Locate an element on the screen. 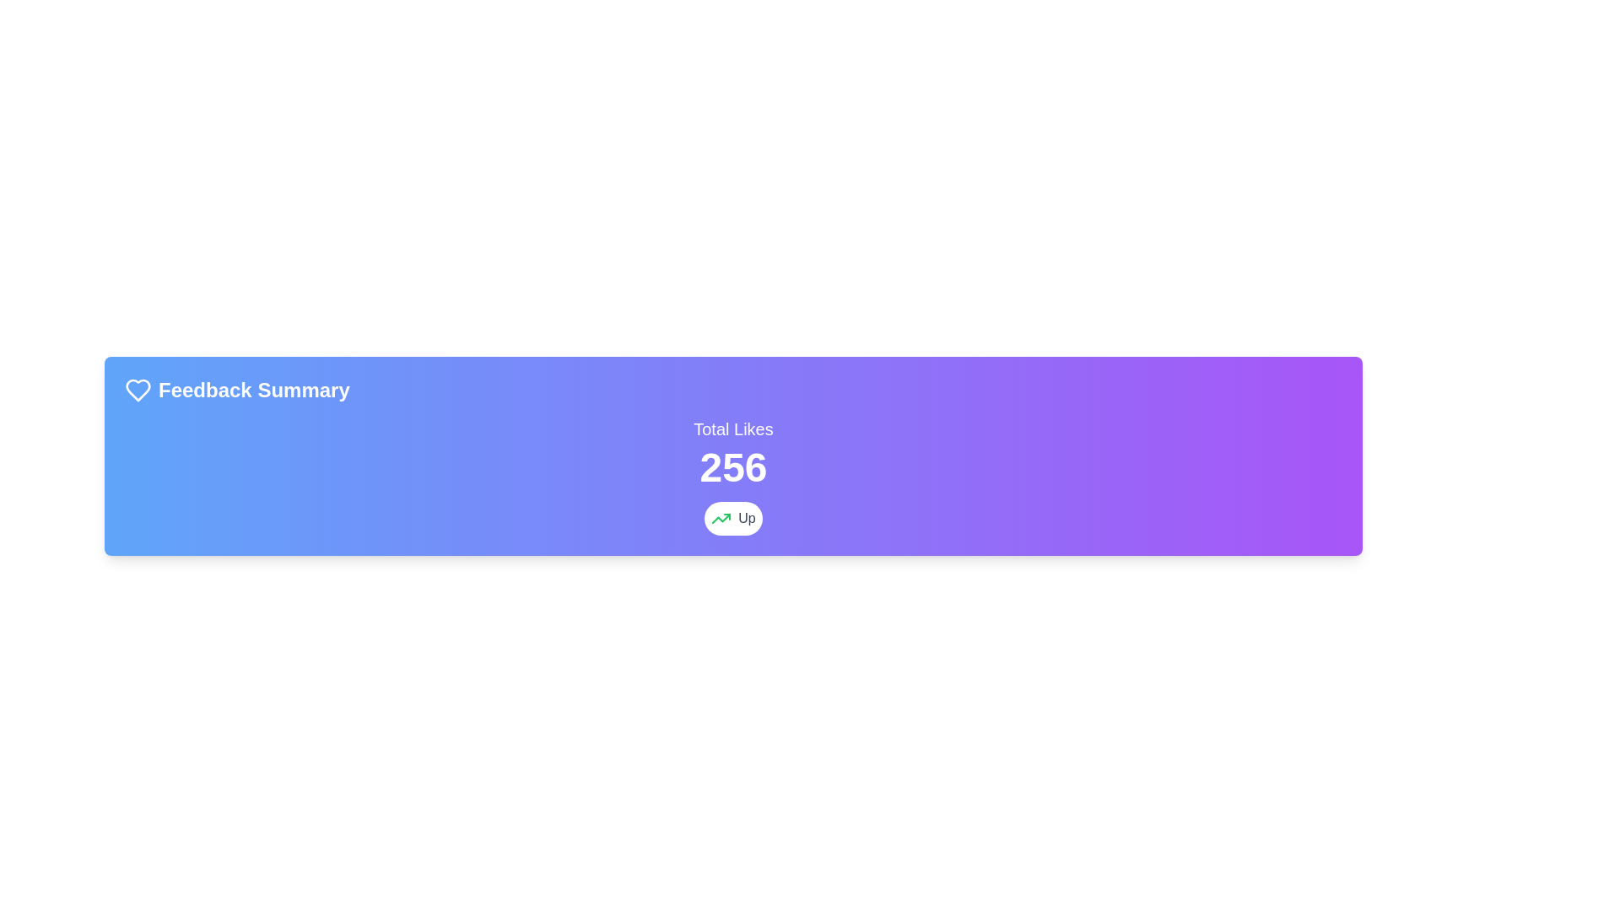 The height and width of the screenshot is (911, 1620). the trending indicator icon inside the circular white button located at the bottom center of the 'Feedback Summary' card is located at coordinates (721, 517).